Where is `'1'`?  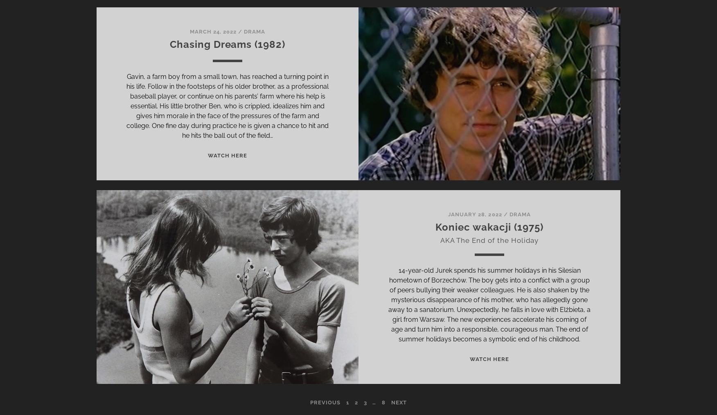
'1' is located at coordinates (347, 402).